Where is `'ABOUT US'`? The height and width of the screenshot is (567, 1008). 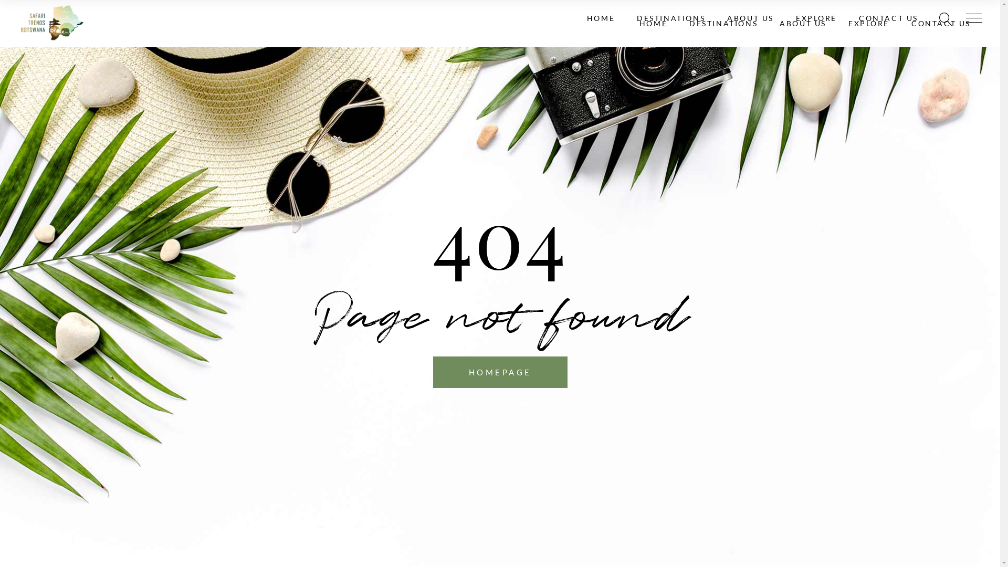 'ABOUT US' is located at coordinates (750, 18).